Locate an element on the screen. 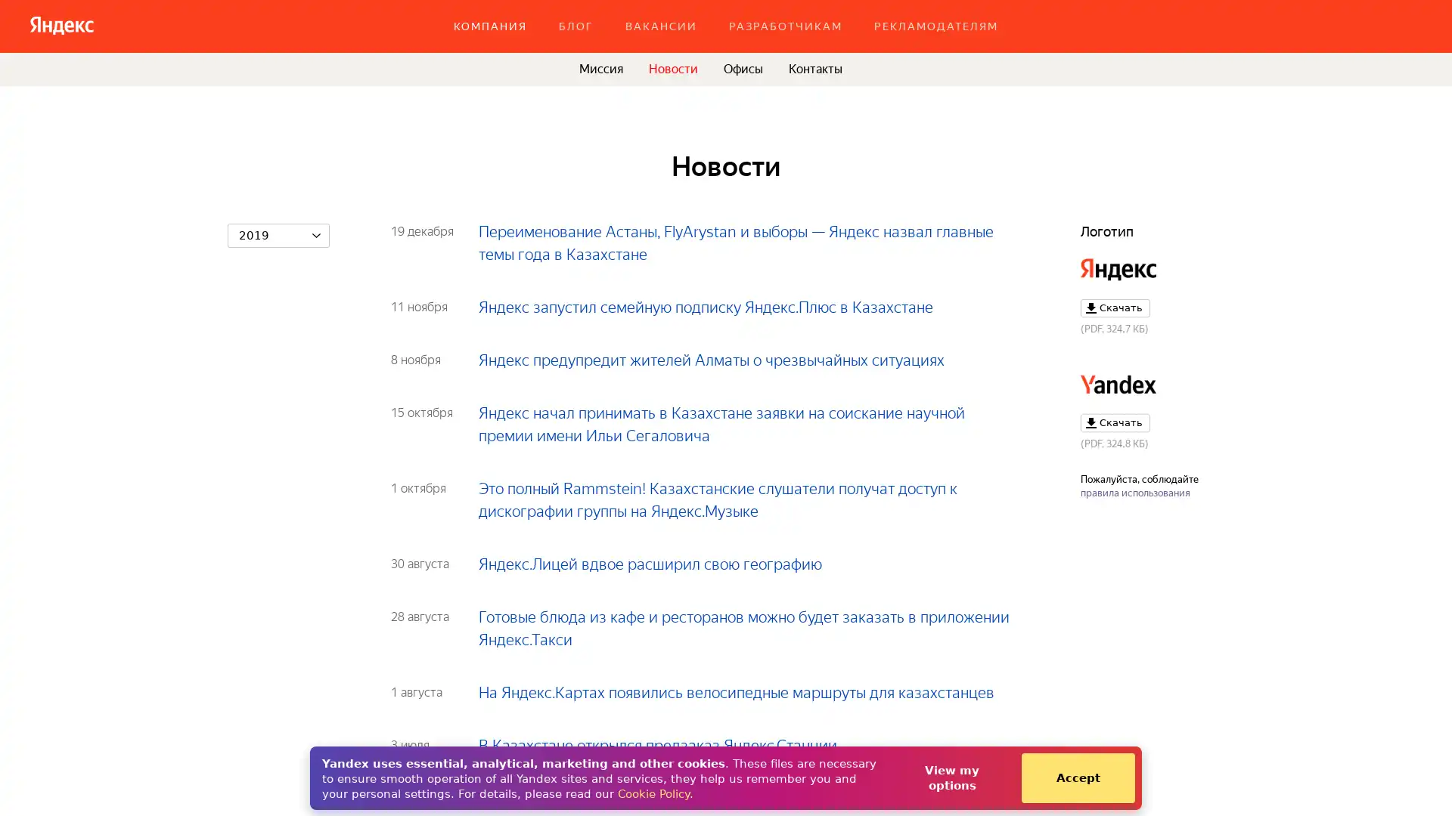 The image size is (1452, 816). Accept is located at coordinates (1077, 777).